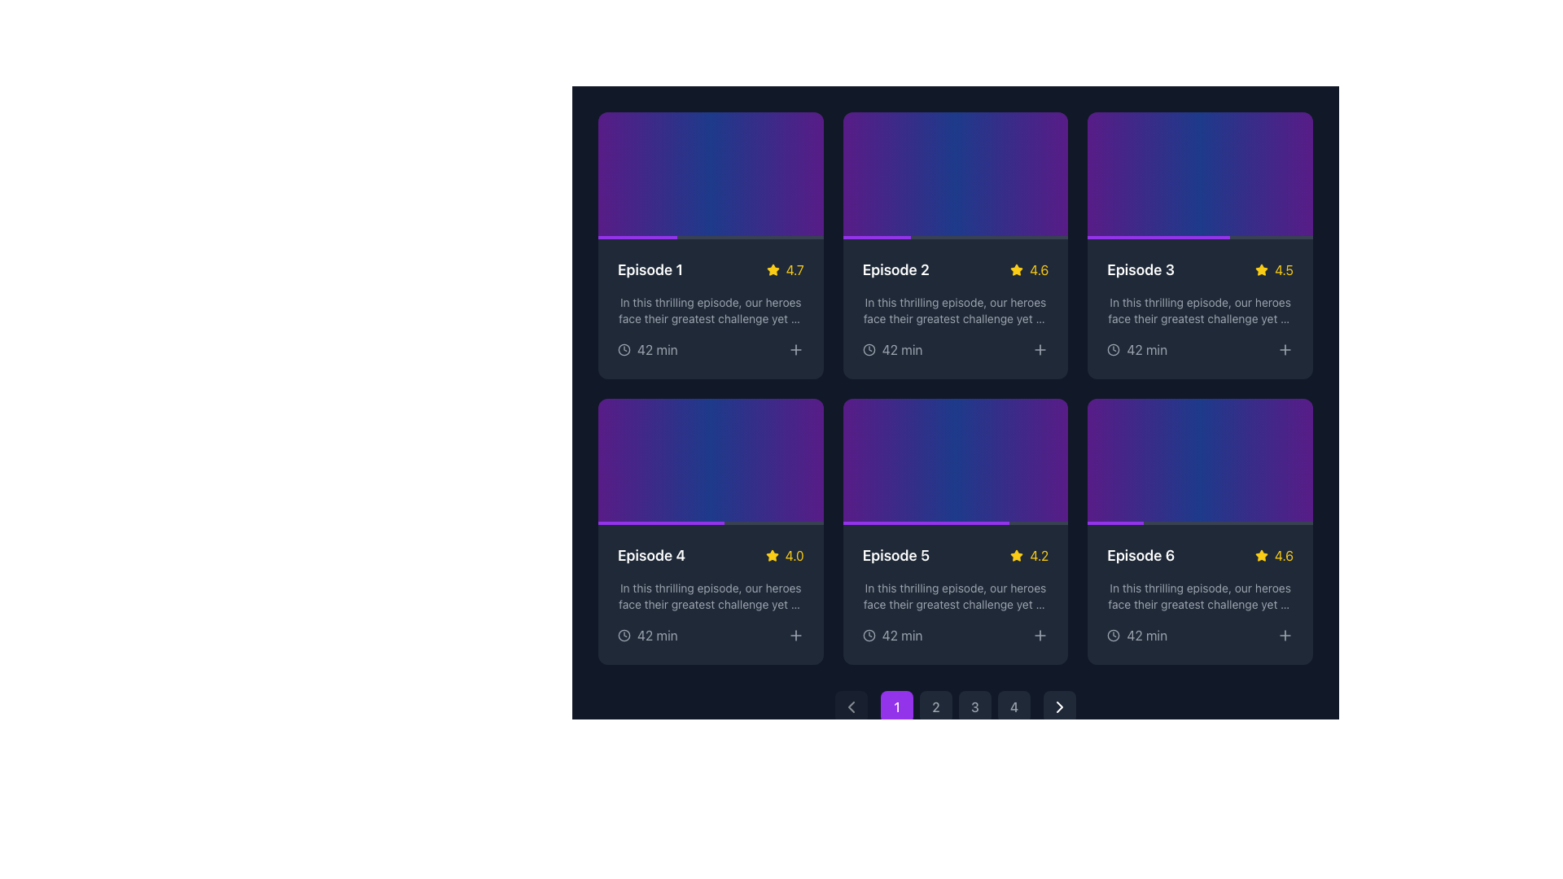 Image resolution: width=1563 pixels, height=879 pixels. Describe the element at coordinates (1273, 555) in the screenshot. I see `the text label displaying the numerical rating for 'Episode 6', which is located to the right of the yellow star icon in the bottom-right section of the card` at that location.